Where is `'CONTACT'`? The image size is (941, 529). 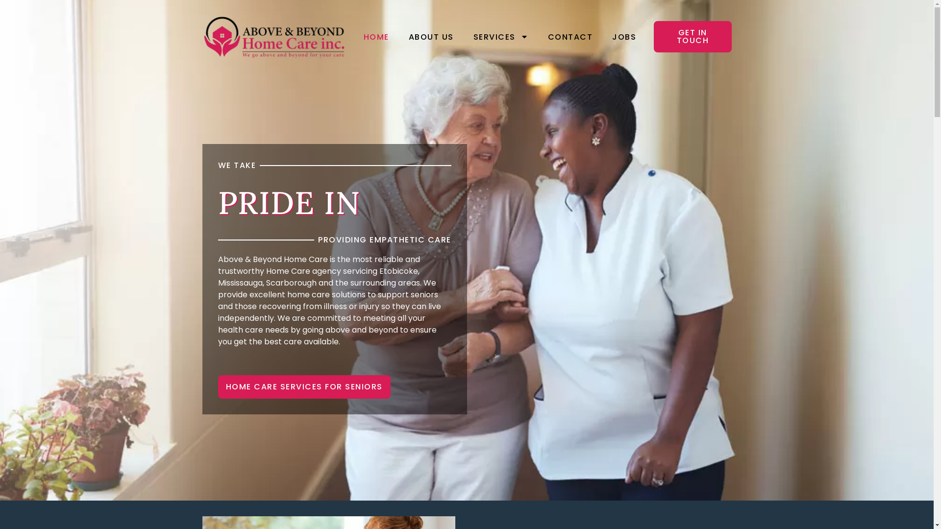
'CONTACT' is located at coordinates (570, 36).